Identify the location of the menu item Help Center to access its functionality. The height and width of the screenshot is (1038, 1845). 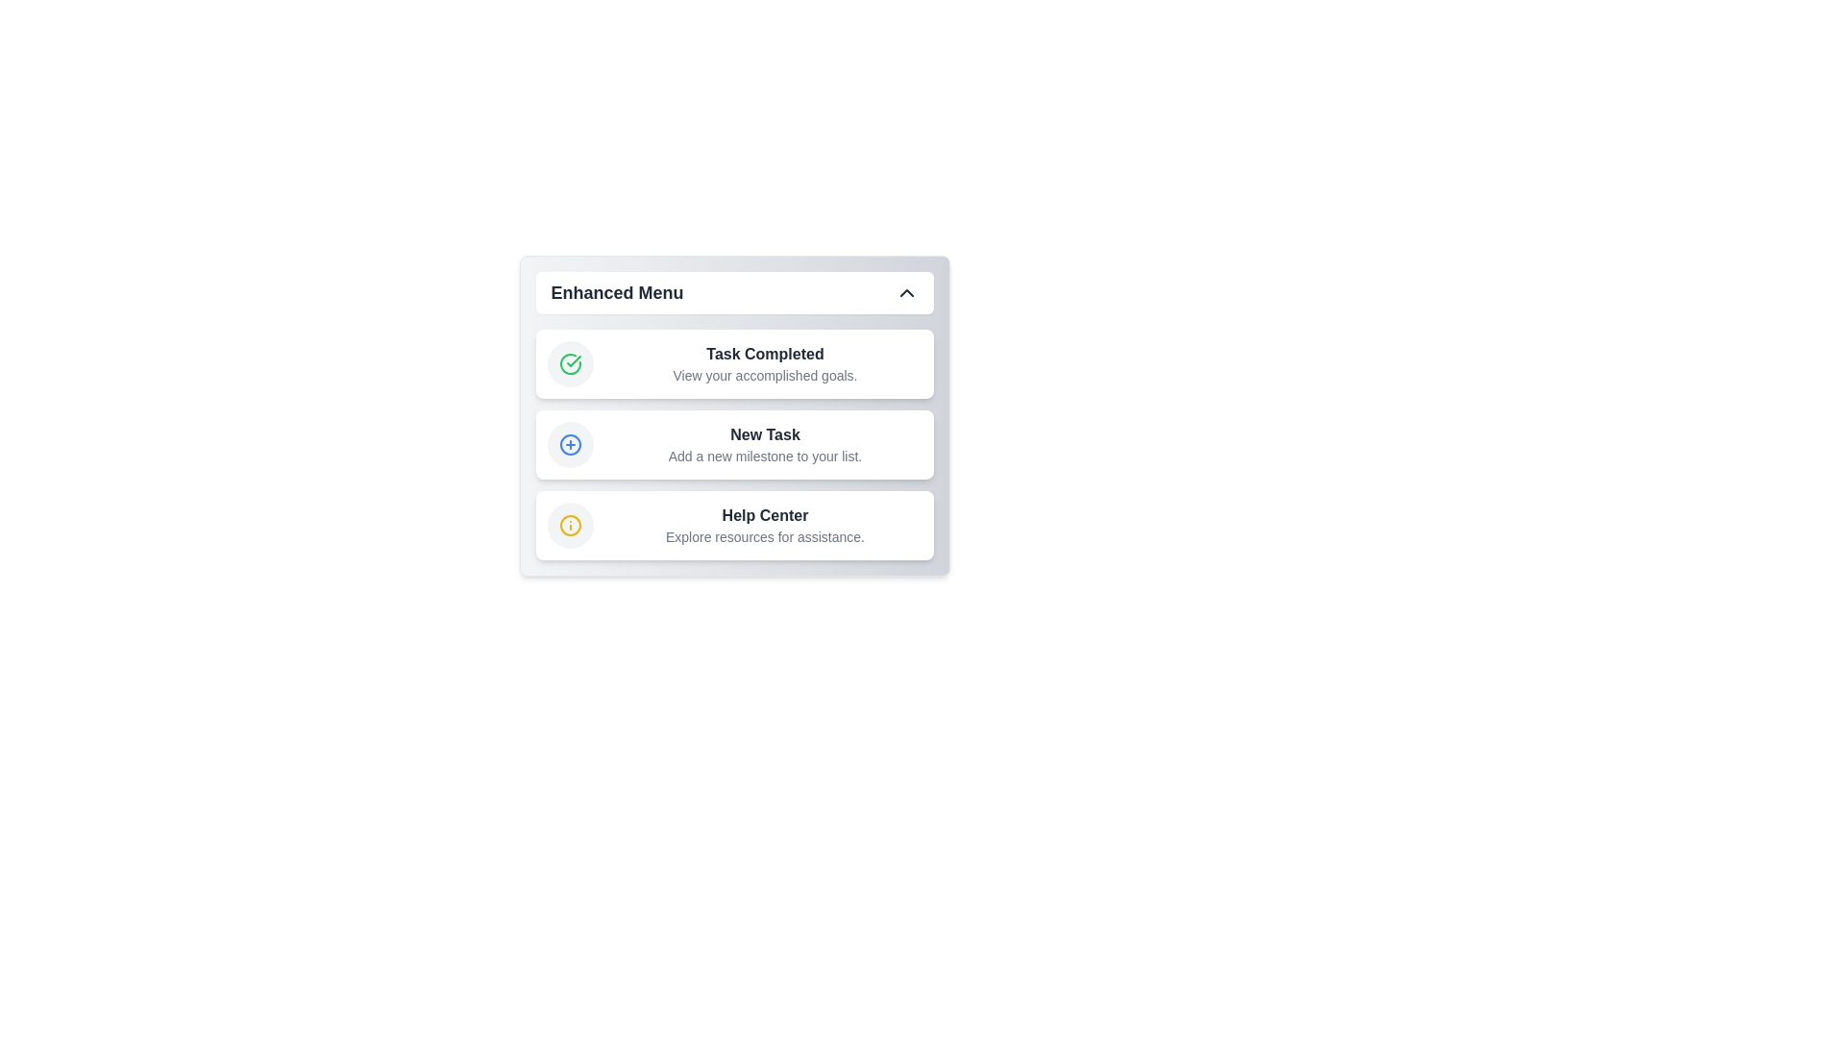
(733, 526).